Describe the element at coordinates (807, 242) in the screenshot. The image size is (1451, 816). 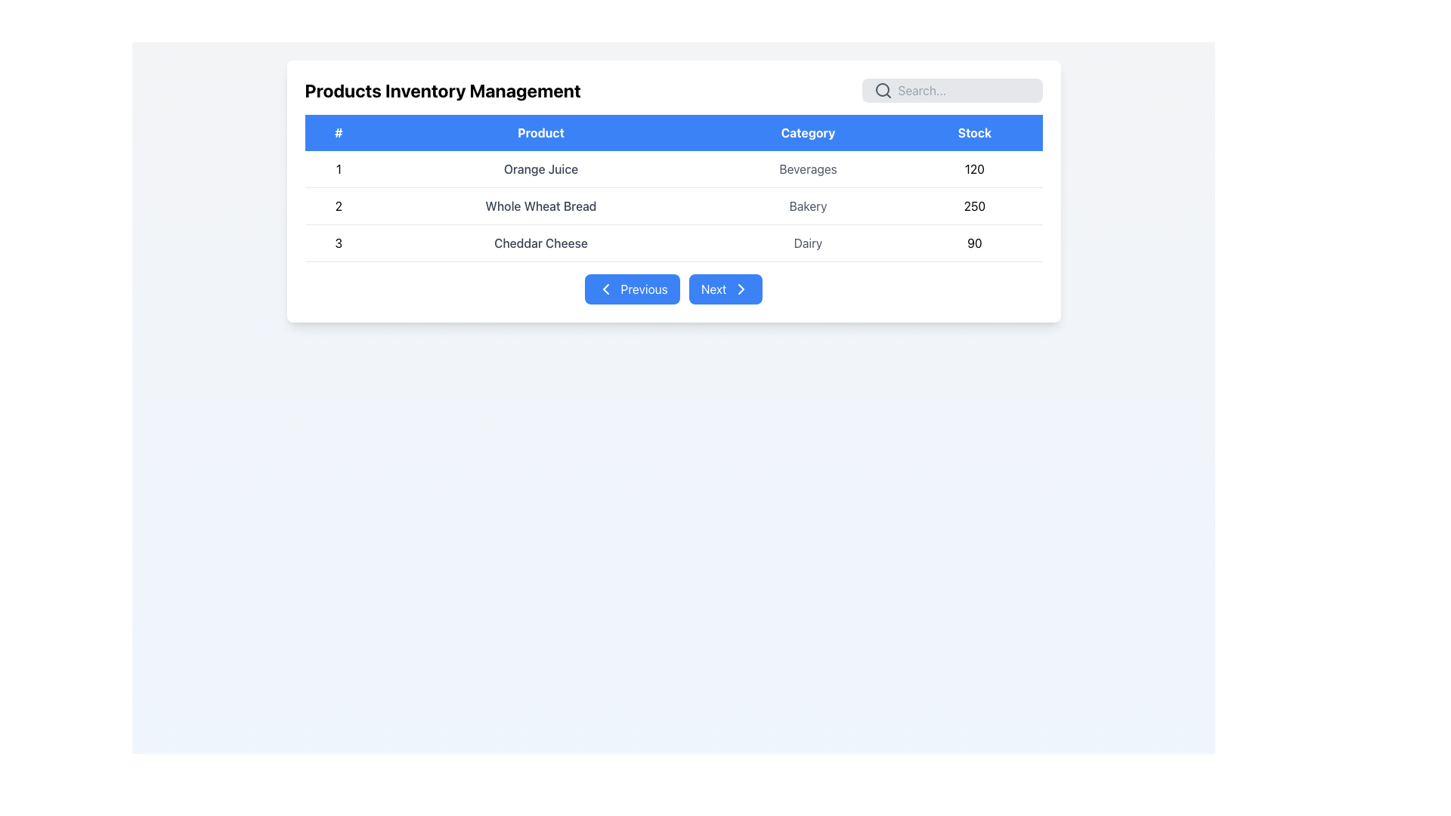
I see `the gray text element displaying 'Dairy' located in the third row under the 'Category' column of the table` at that location.